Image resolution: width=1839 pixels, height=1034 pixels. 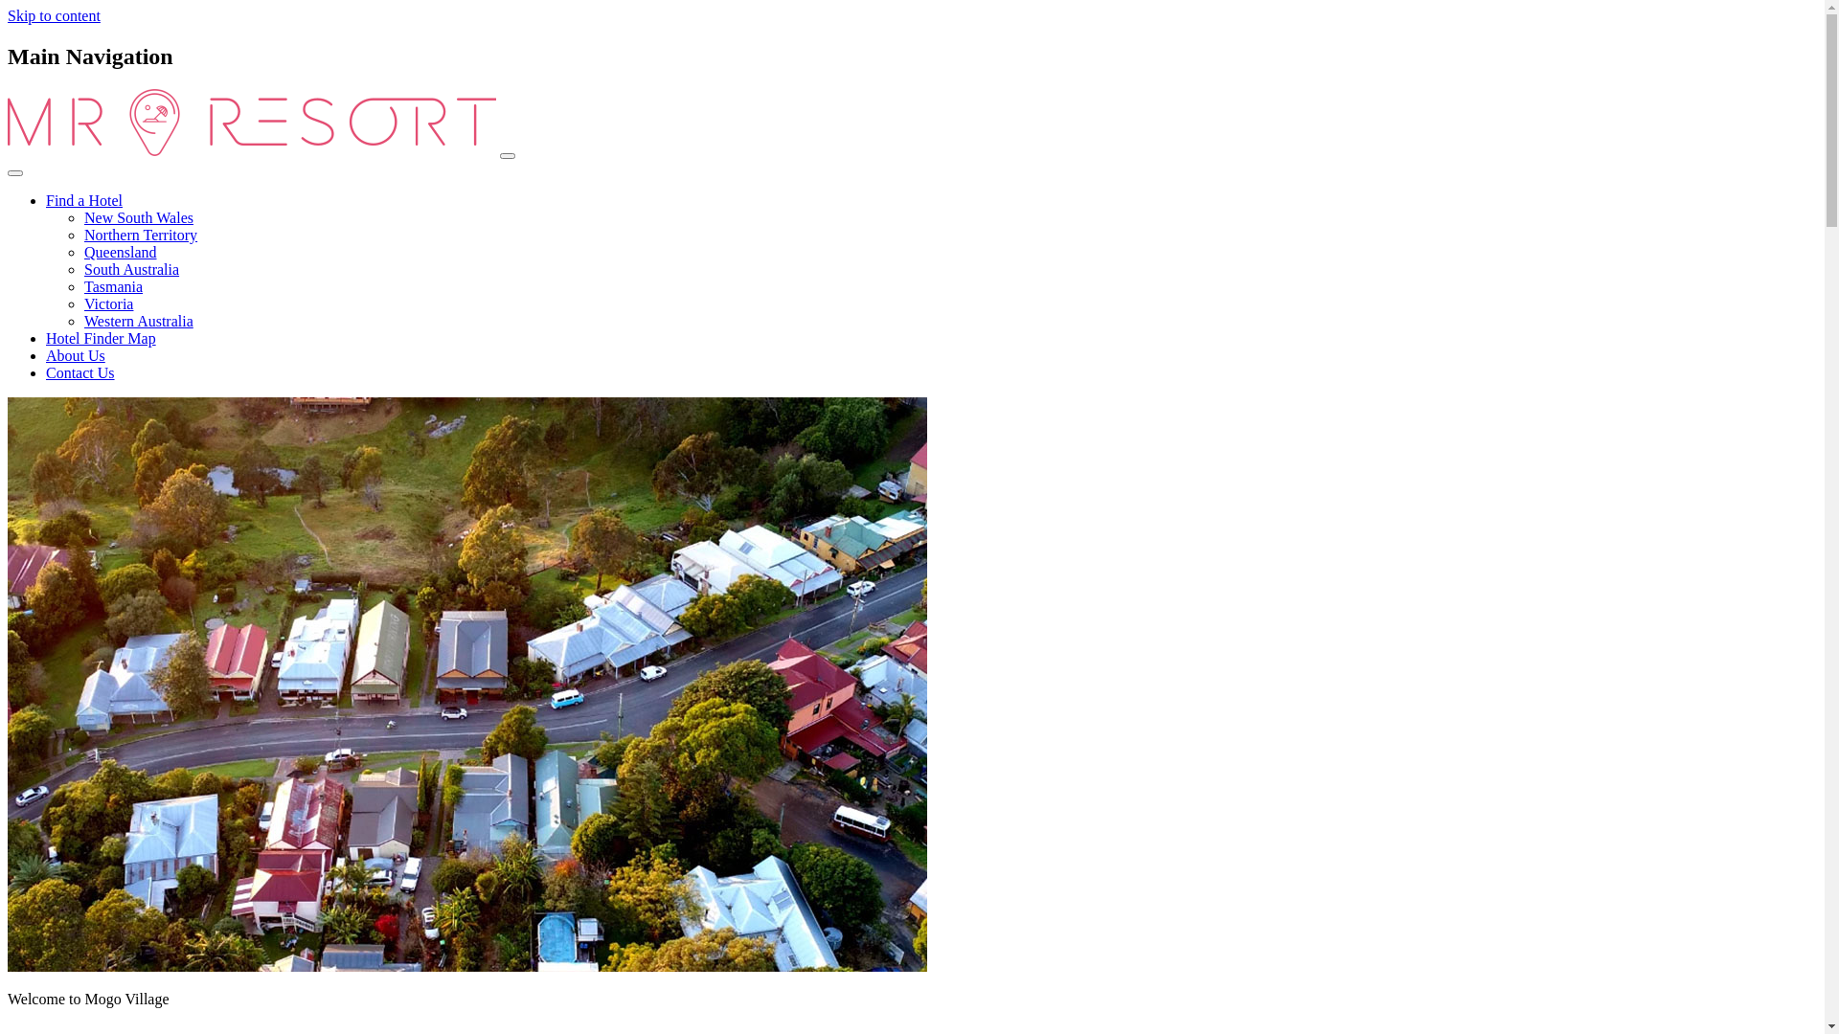 I want to click on 'Skip to content', so click(x=54, y=15).